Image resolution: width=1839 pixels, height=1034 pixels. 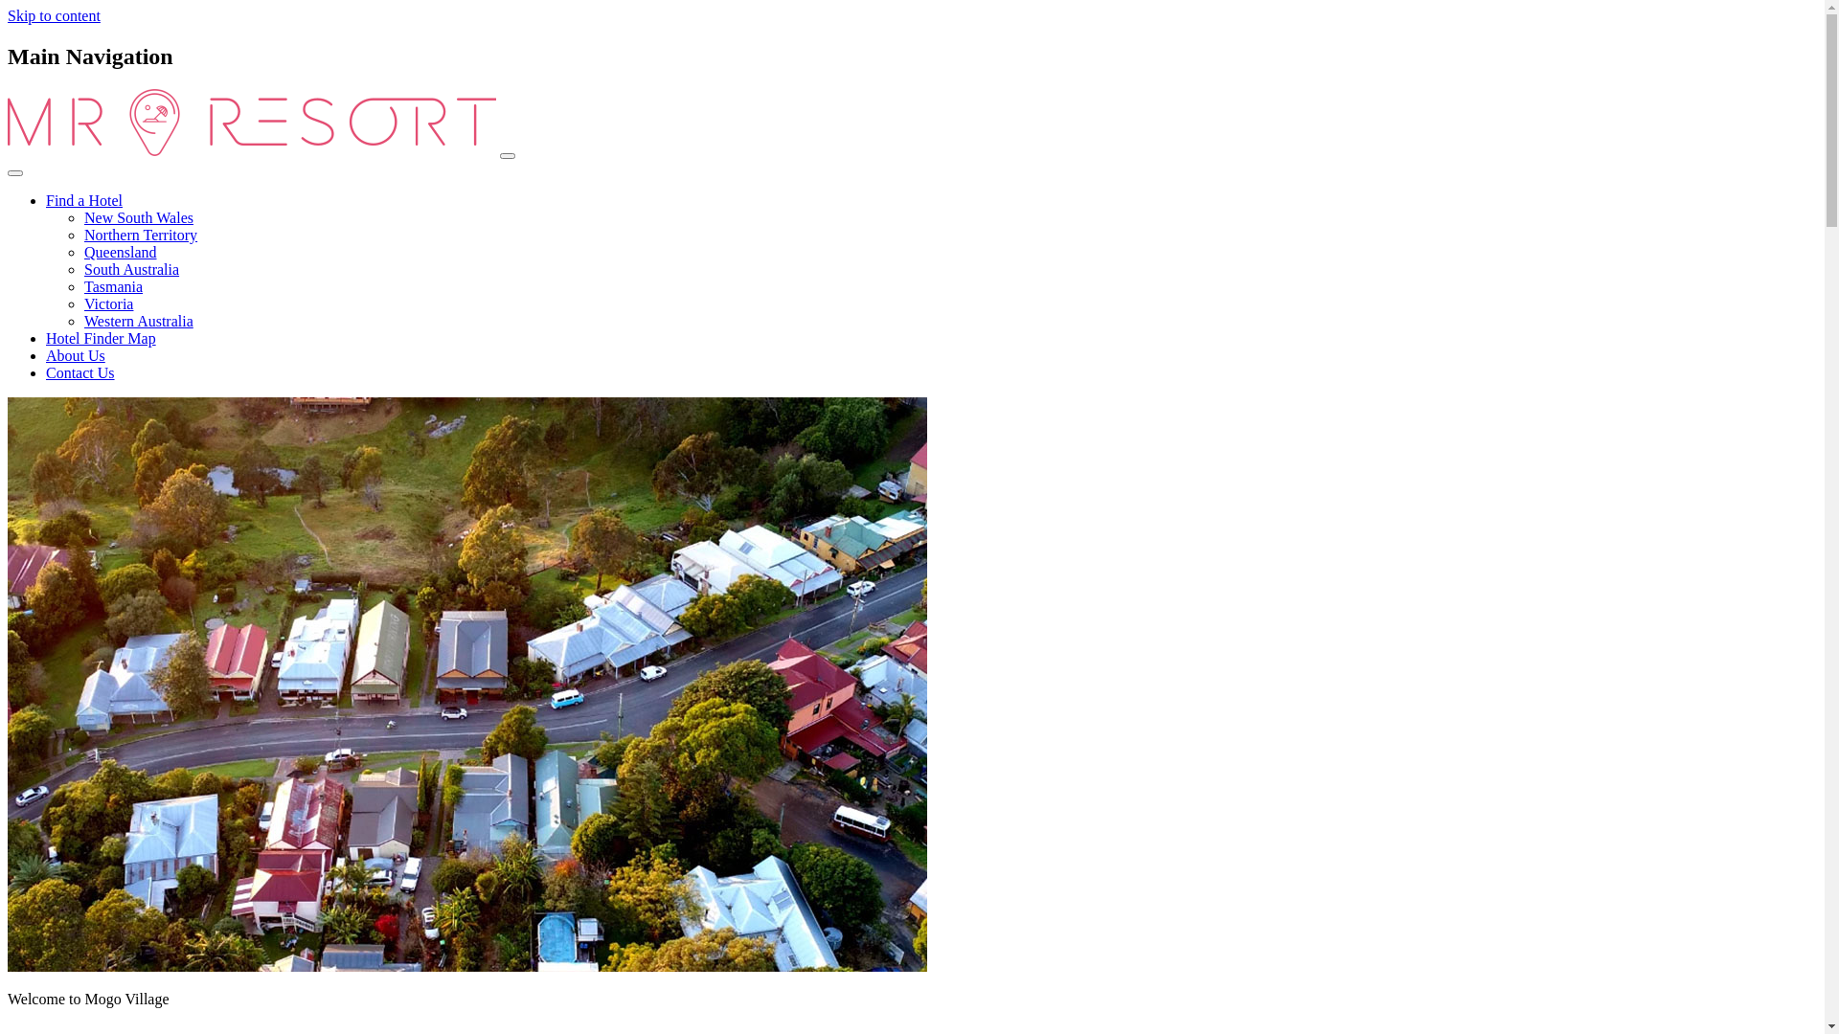 I want to click on 'Skip to content', so click(x=54, y=15).